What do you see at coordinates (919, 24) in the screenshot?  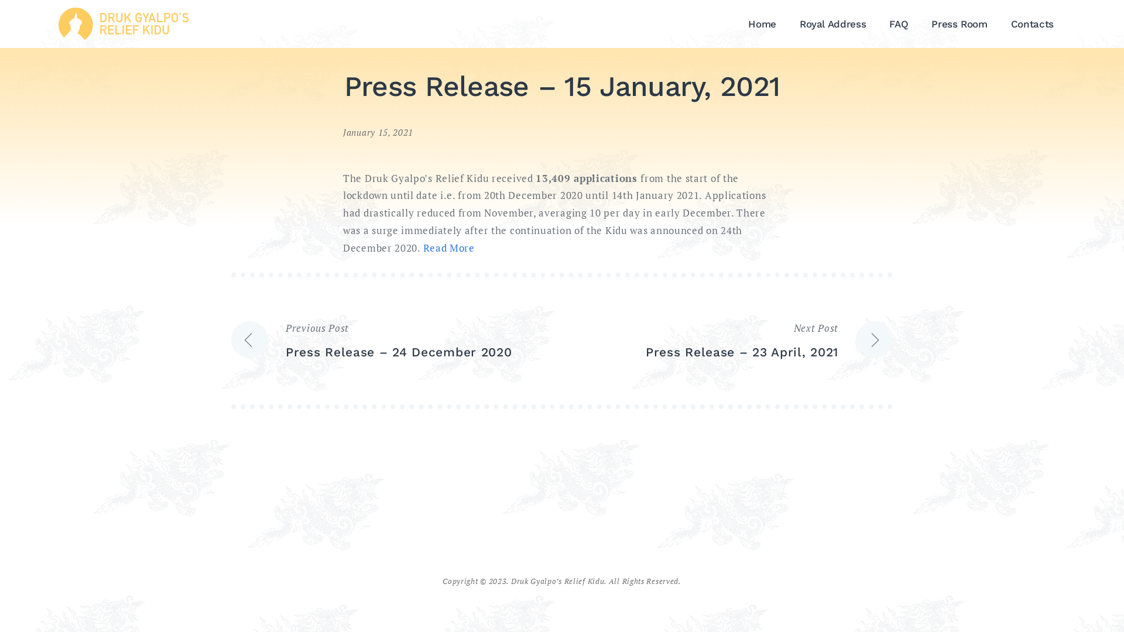 I see `'Press Room'` at bounding box center [919, 24].